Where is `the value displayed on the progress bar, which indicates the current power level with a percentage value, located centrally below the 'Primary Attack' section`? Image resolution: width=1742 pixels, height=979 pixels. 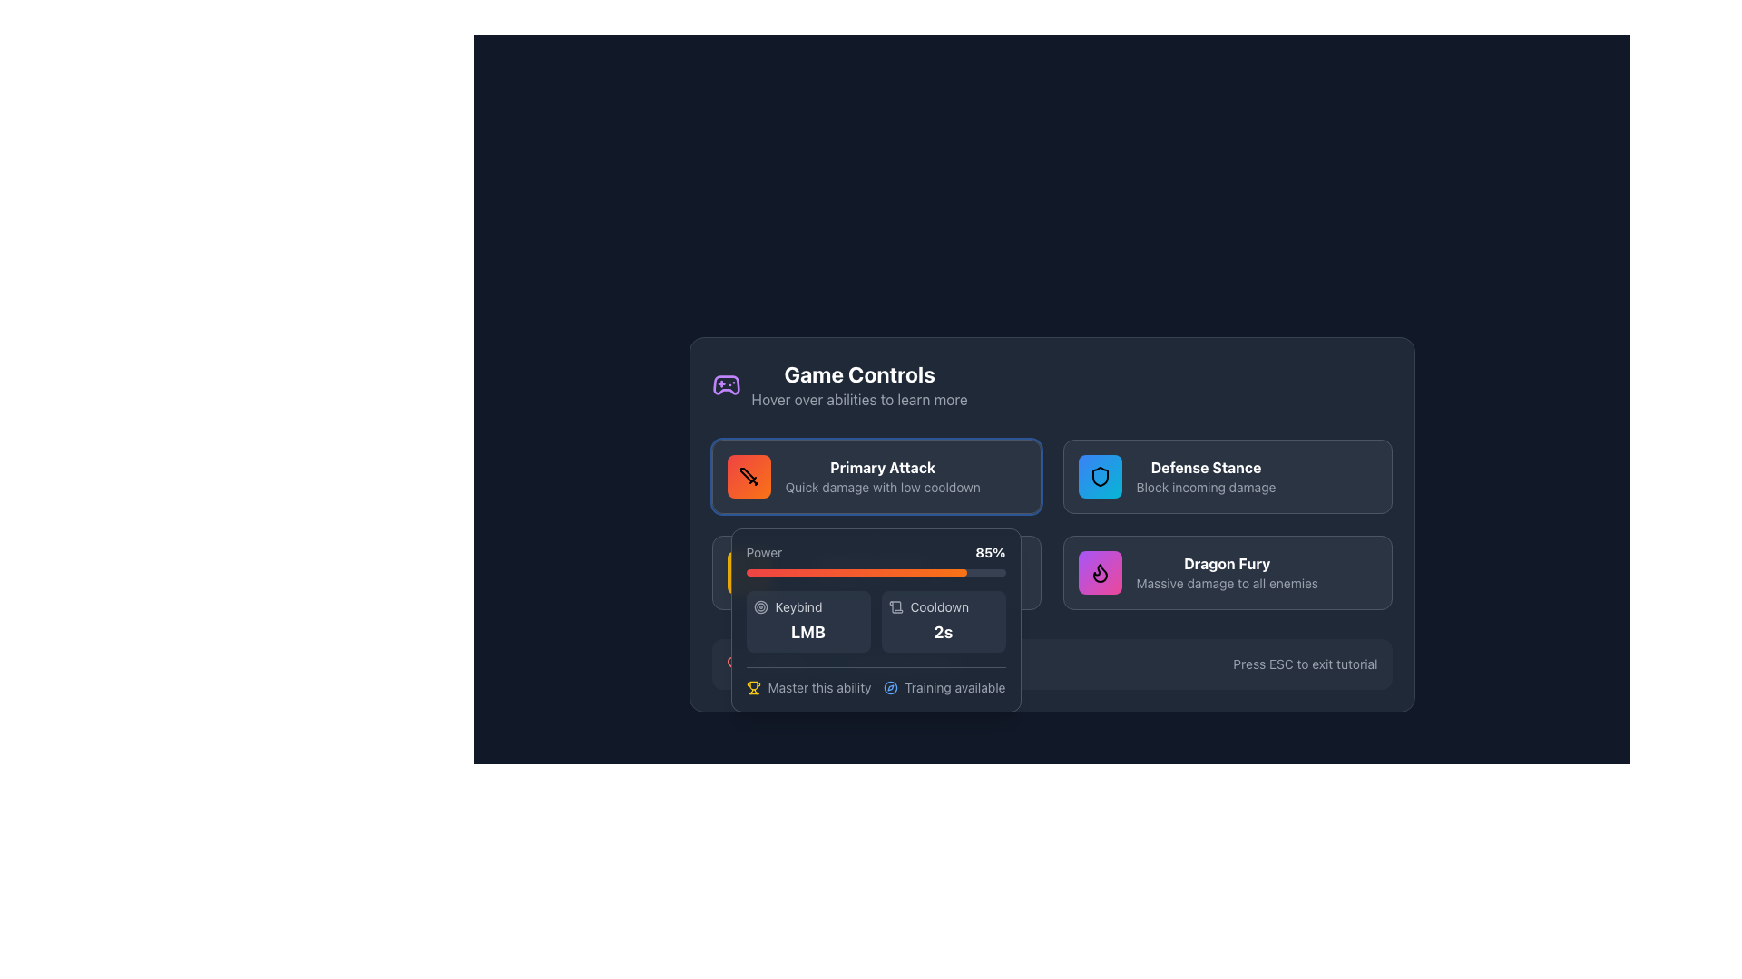 the value displayed on the progress bar, which indicates the current power level with a percentage value, located centrally below the 'Primary Attack' section is located at coordinates (876, 573).